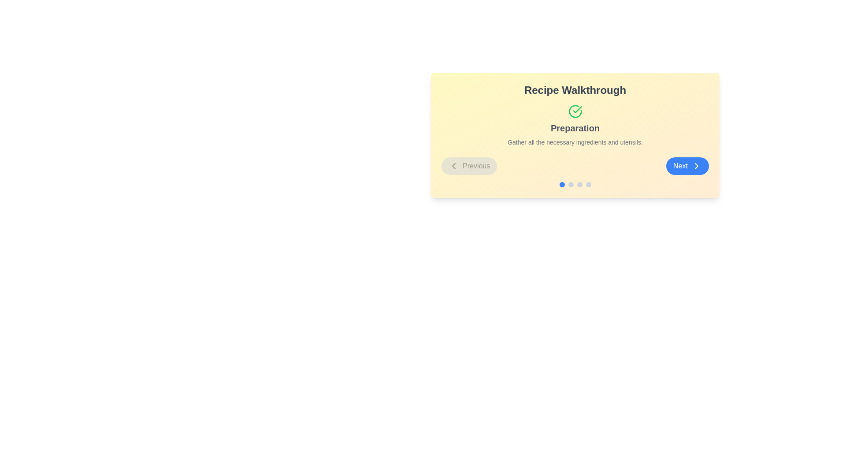 The width and height of the screenshot is (846, 476). I want to click on the blue 'Next' button with a right-facing chevron icon, so click(687, 166).